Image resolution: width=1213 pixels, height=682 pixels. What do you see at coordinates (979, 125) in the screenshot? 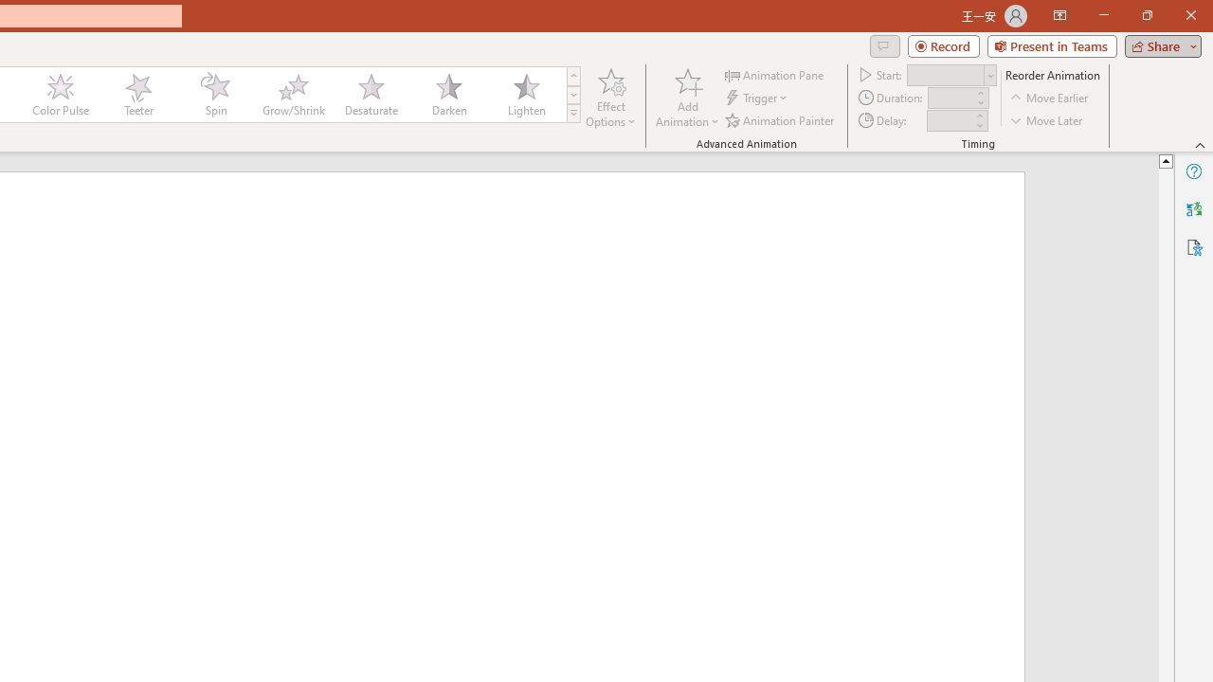
I see `'Less'` at bounding box center [979, 125].